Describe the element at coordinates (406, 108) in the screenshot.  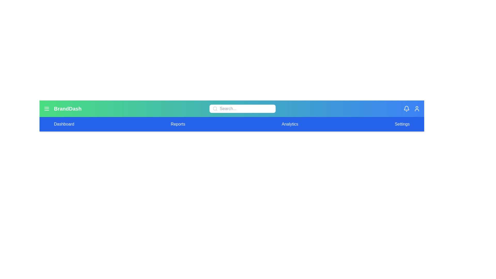
I see `the bell icon to view notifications` at that location.